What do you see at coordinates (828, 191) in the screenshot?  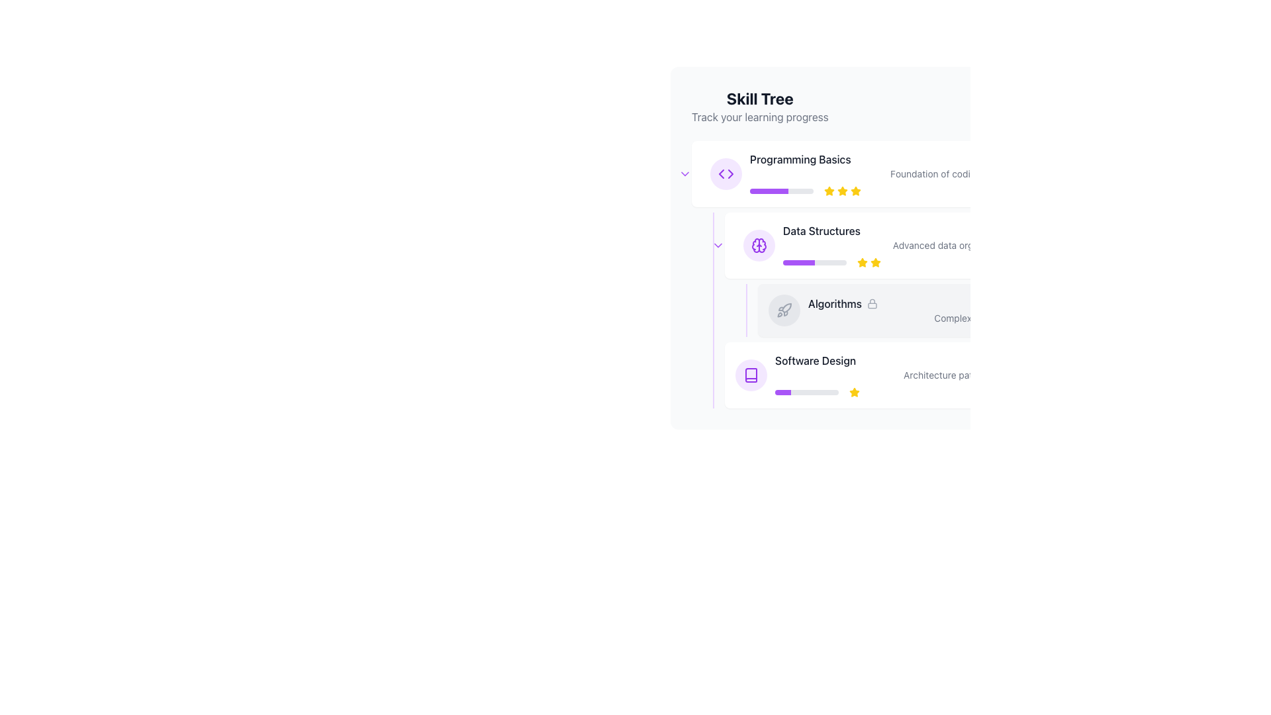 I see `the yellow star icon representing the first rating in the programming skill tree to interact with it` at bounding box center [828, 191].